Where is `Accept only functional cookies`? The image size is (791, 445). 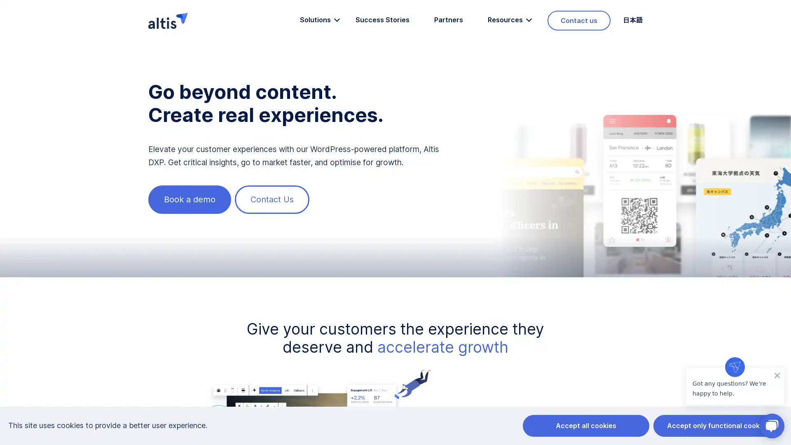
Accept only functional cookies is located at coordinates (717, 426).